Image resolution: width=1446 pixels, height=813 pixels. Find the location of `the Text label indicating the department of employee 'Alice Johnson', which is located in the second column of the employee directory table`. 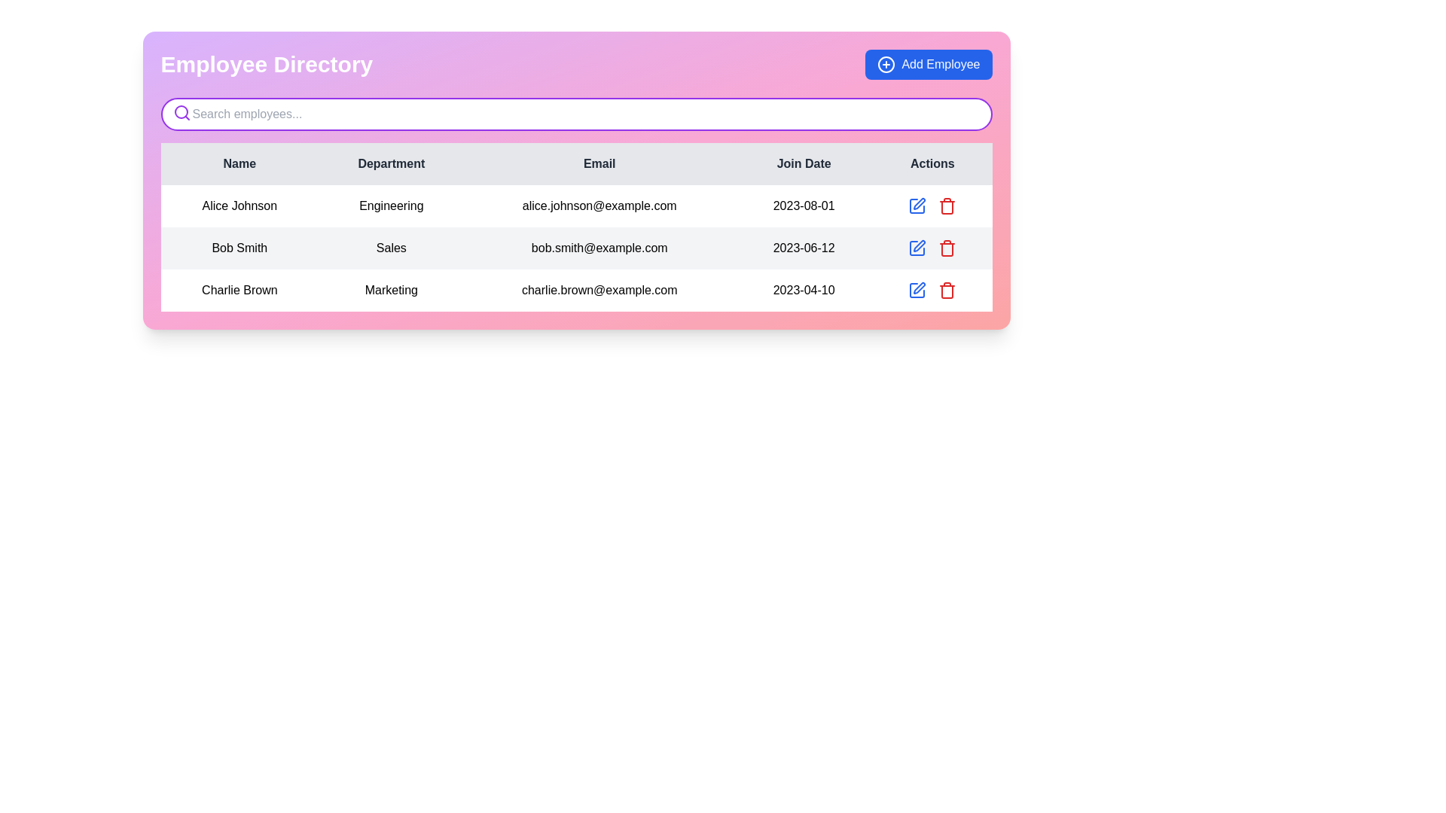

the Text label indicating the department of employee 'Alice Johnson', which is located in the second column of the employee directory table is located at coordinates (391, 206).